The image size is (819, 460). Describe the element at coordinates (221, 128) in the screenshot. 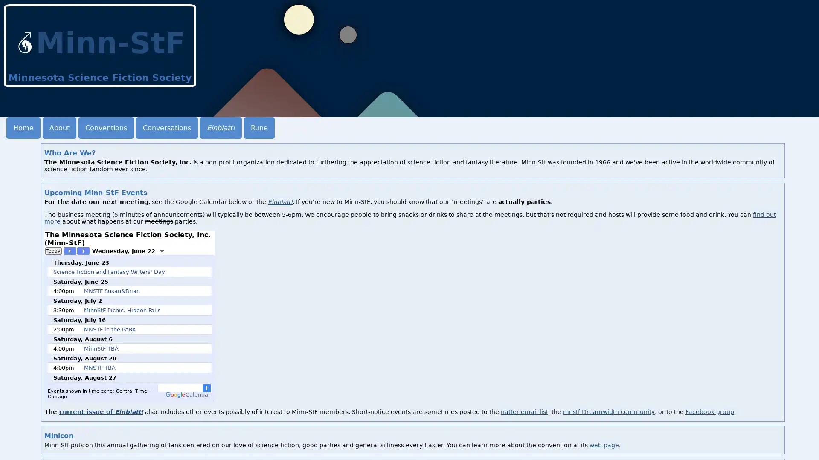

I see `Einblatt!` at that location.